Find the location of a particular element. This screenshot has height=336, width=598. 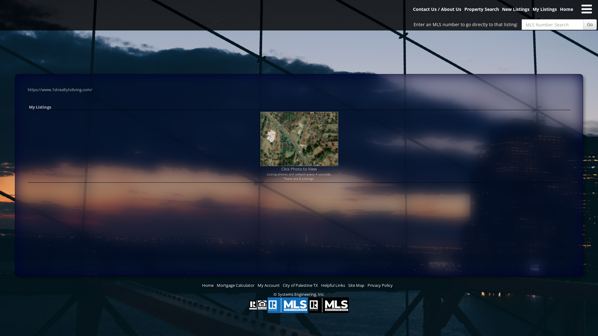

'Property Search' is located at coordinates (481, 12).